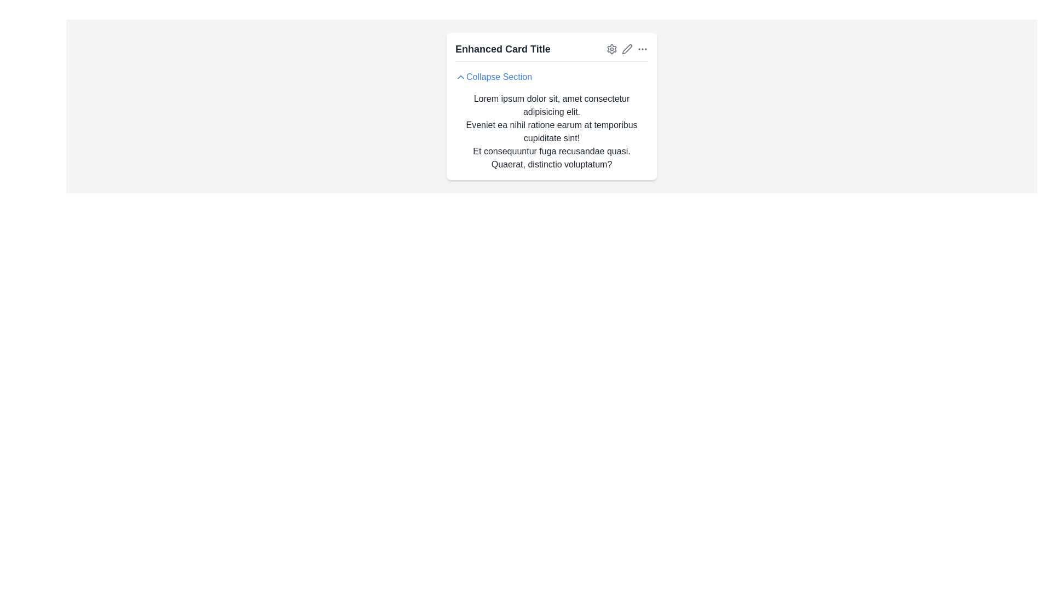 This screenshot has width=1051, height=591. I want to click on the concluding message text element located in the Enhanced Card Title, which is the third line of text below 'Eveniet ea nihil ratione earum at temporibus cupiditate sint!', so click(552, 158).